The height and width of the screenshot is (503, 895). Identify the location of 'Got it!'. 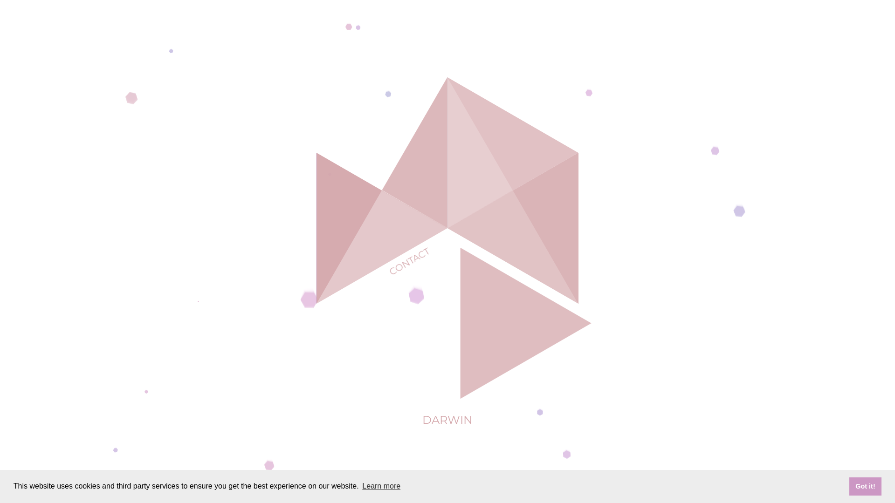
(865, 486).